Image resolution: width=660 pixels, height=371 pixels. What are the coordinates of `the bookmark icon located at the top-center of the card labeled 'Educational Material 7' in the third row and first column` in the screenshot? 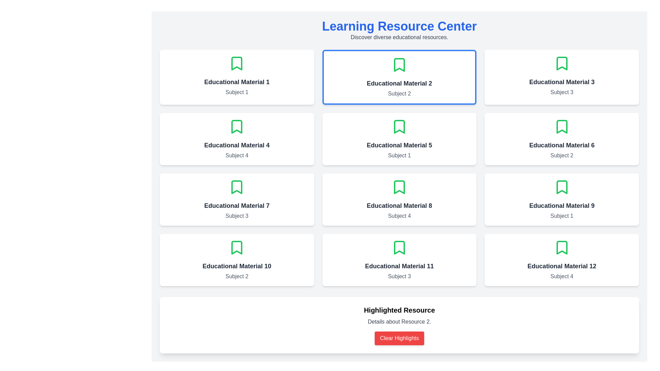 It's located at (237, 187).